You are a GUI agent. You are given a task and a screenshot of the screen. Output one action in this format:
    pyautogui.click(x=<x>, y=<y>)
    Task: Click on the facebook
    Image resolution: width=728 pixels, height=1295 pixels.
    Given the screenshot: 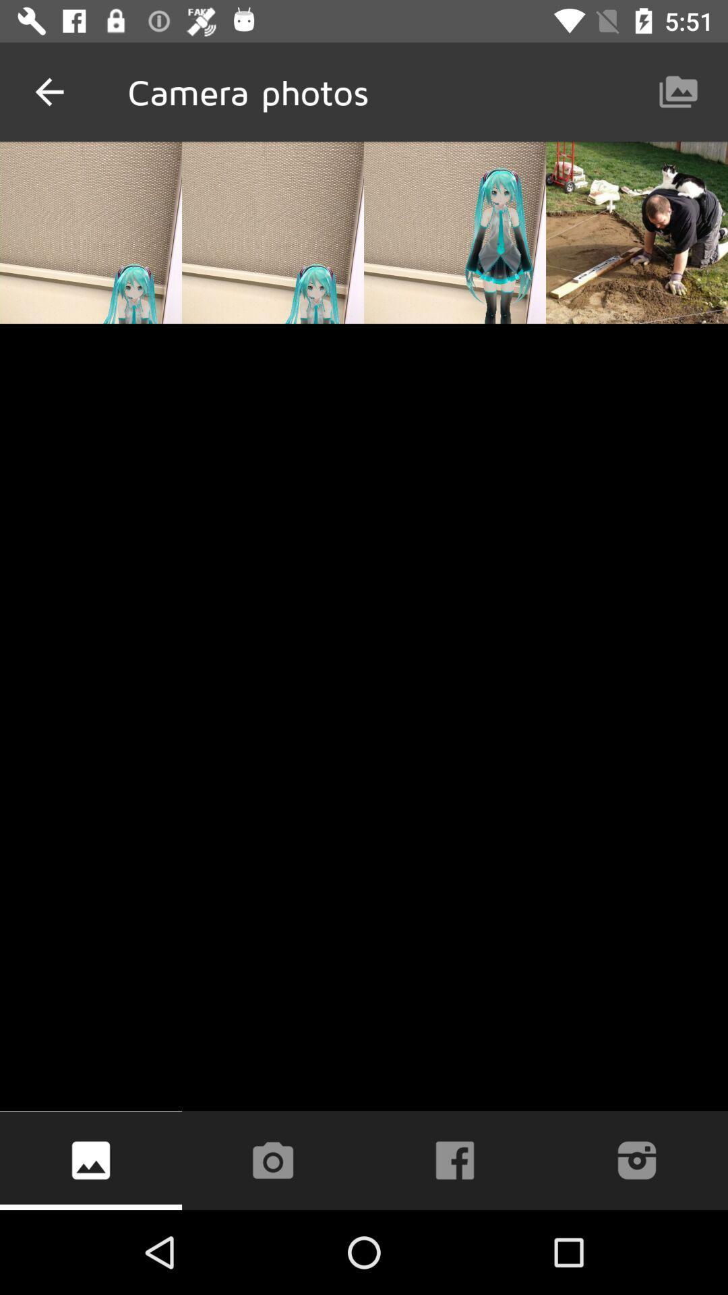 What is the action you would take?
    pyautogui.click(x=455, y=1159)
    